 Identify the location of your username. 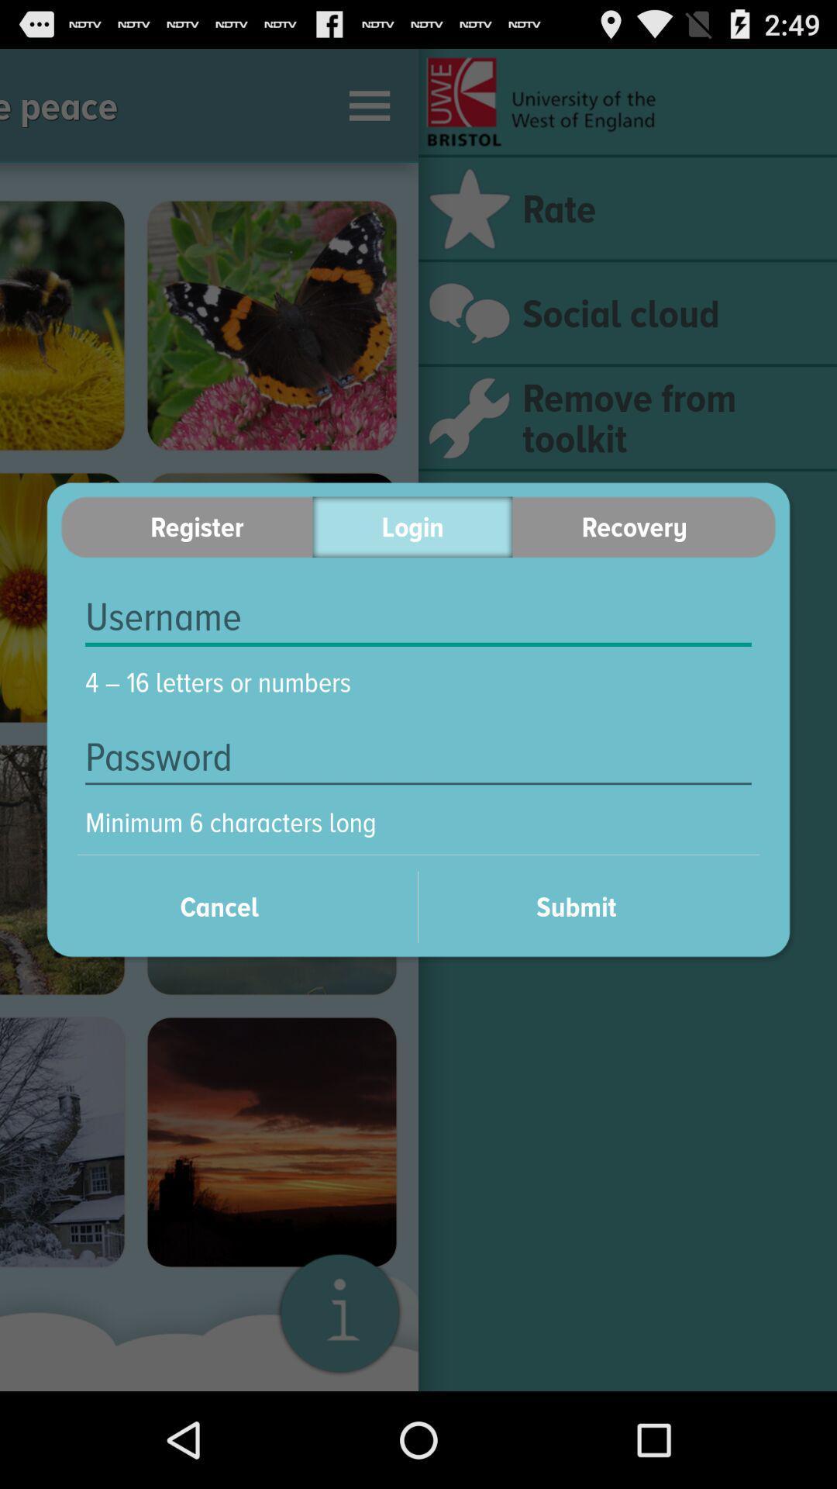
(418, 617).